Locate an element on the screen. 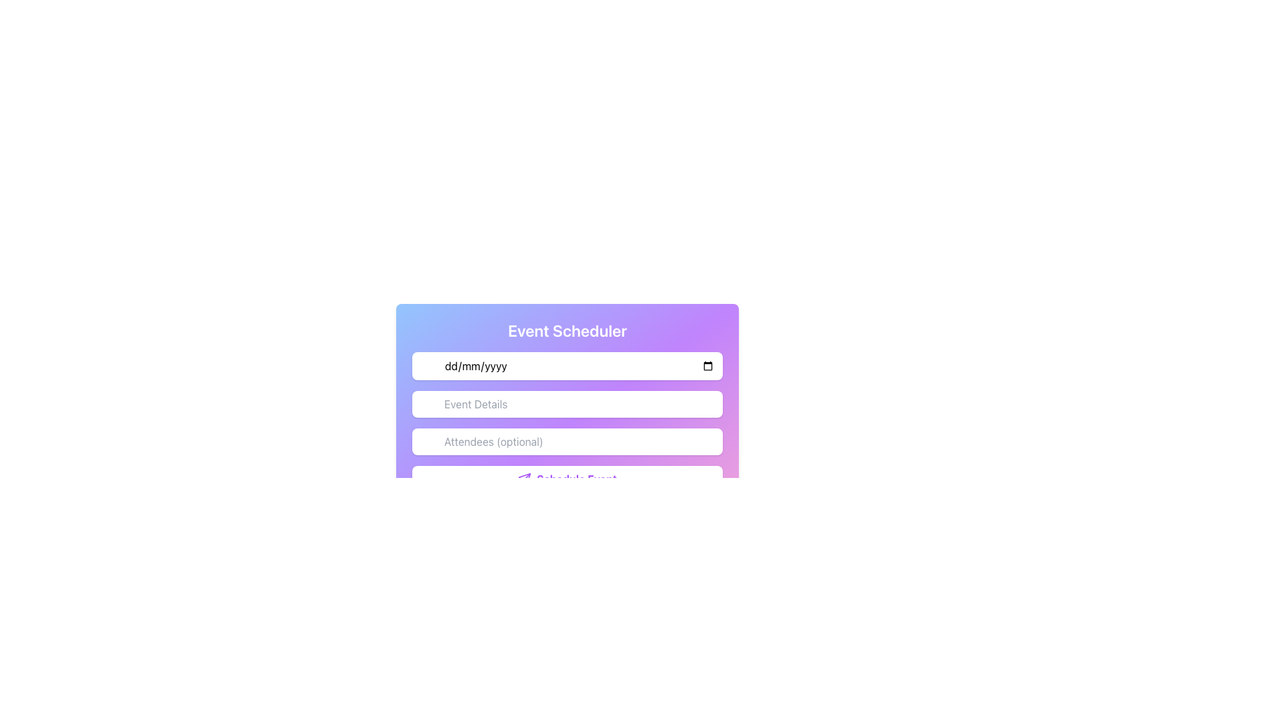 This screenshot has width=1285, height=723. the text input field labeled 'Event Details' by tabbing into it is located at coordinates (568, 404).